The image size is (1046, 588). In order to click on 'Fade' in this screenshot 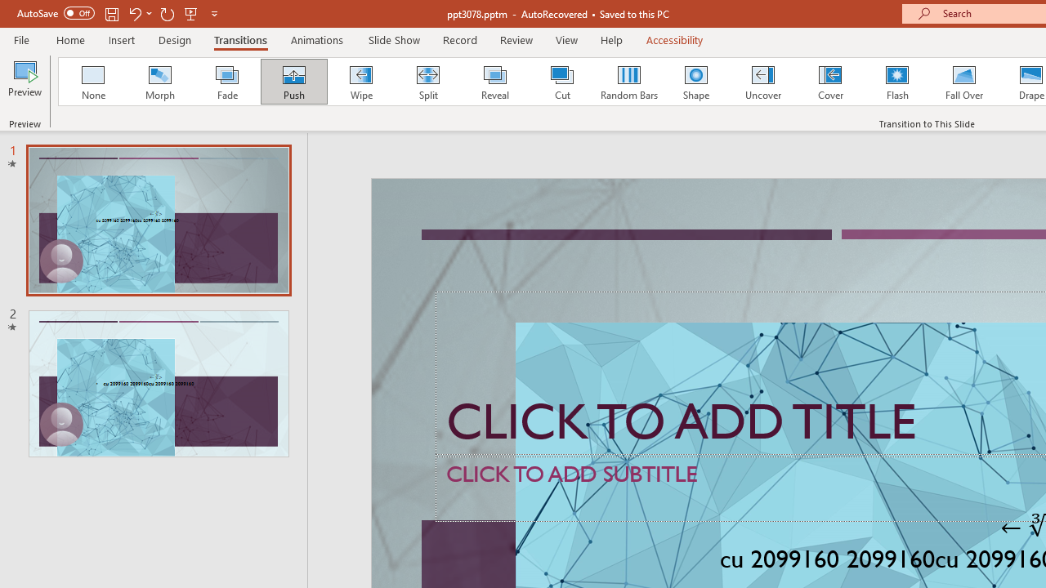, I will do `click(226, 82)`.